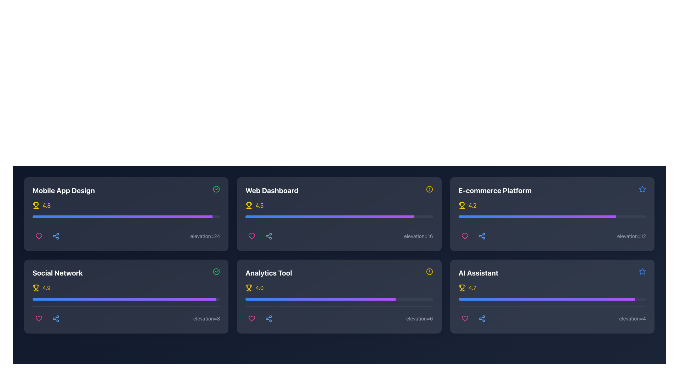  Describe the element at coordinates (252, 319) in the screenshot. I see `the heart icon located within the 'Analytics Tool' card to favorite the item` at that location.